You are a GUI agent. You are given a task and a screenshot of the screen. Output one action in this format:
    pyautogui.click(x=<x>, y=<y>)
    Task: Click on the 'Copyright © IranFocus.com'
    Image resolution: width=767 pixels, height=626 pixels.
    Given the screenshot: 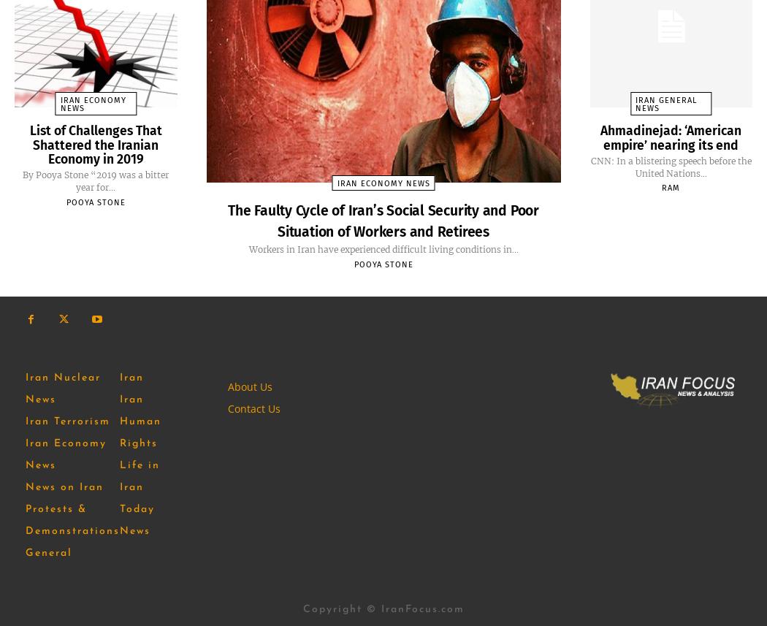 What is the action you would take?
    pyautogui.click(x=382, y=608)
    